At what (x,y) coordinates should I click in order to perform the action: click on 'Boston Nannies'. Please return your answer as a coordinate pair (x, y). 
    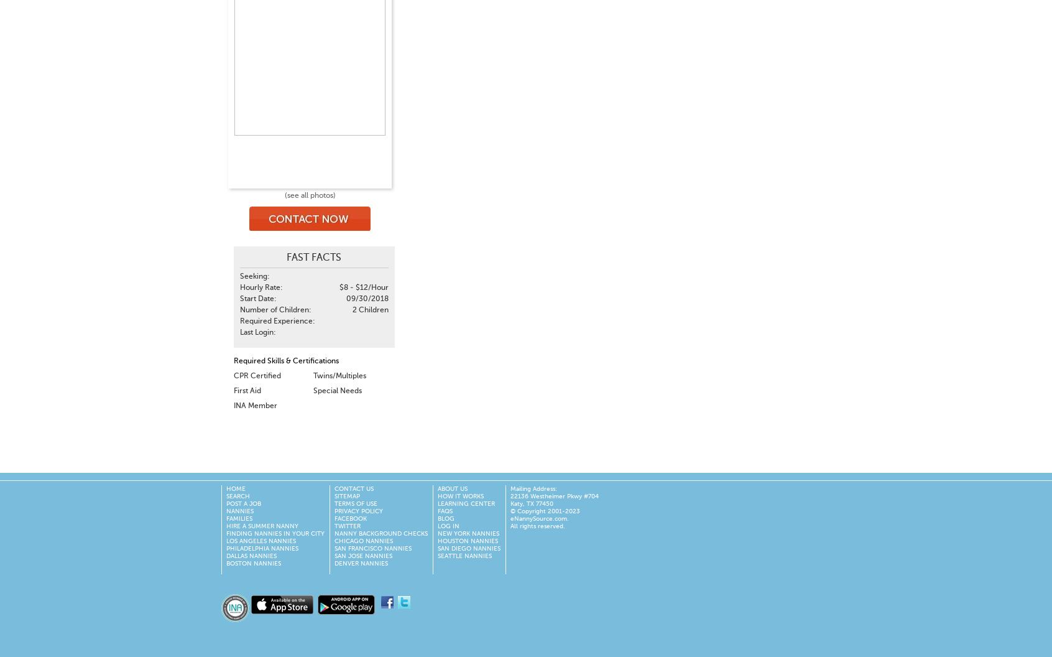
    Looking at the image, I should click on (253, 563).